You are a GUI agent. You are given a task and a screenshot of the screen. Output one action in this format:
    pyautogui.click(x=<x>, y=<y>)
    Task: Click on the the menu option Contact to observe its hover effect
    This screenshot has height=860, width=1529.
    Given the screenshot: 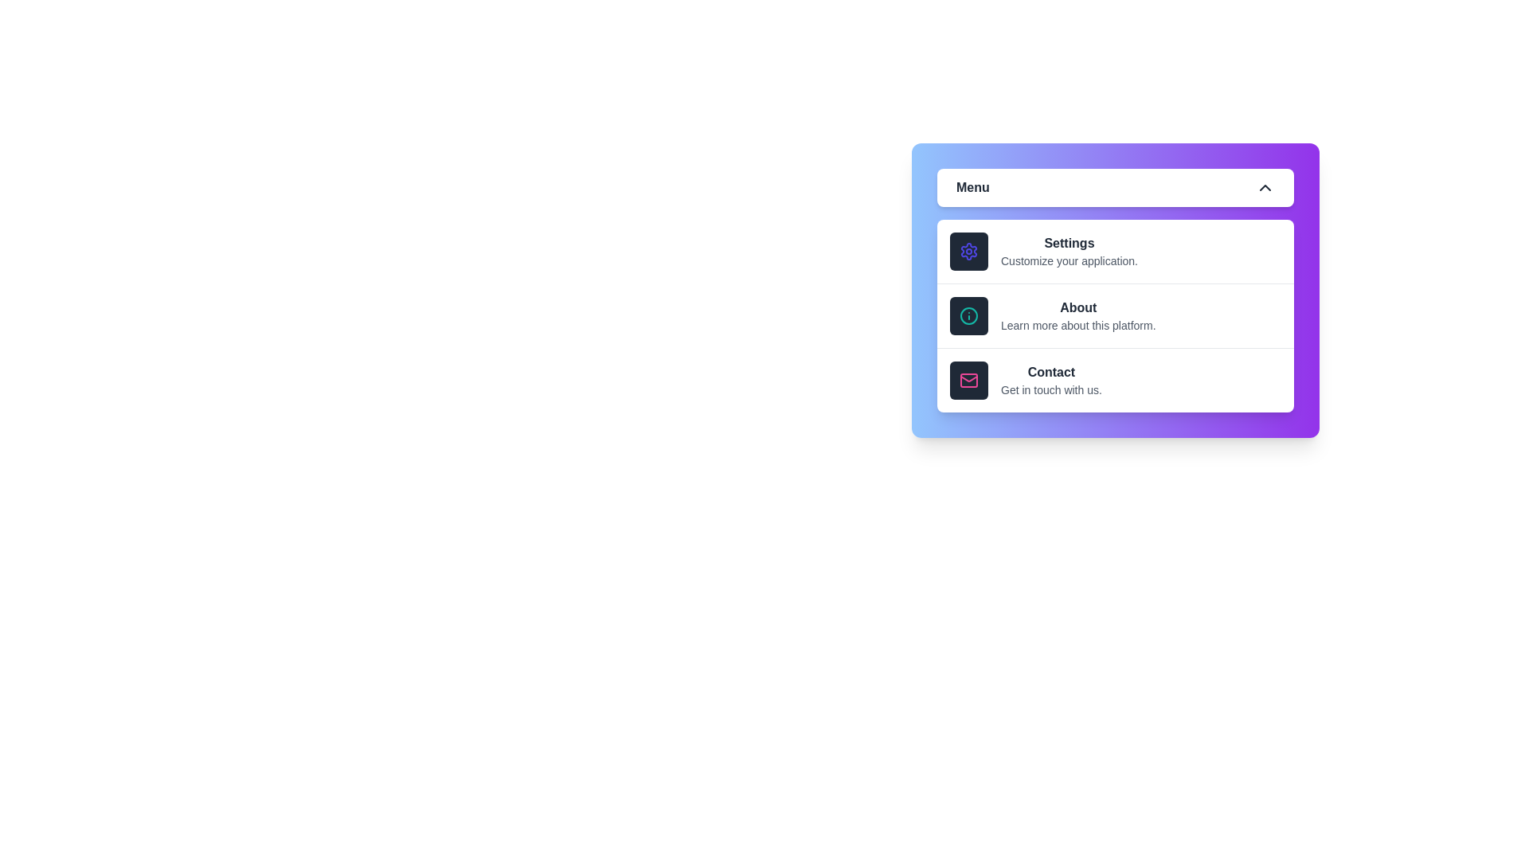 What is the action you would take?
    pyautogui.click(x=1115, y=380)
    